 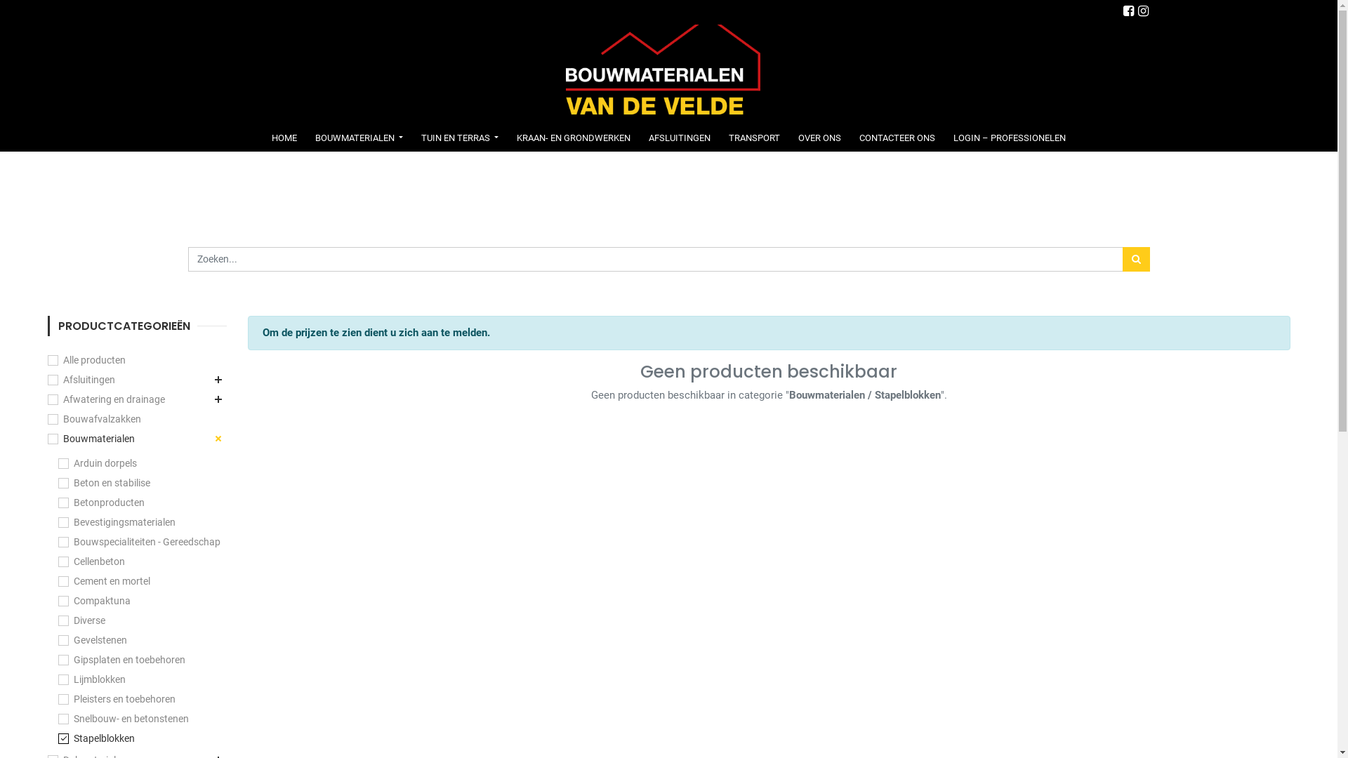 What do you see at coordinates (47, 399) in the screenshot?
I see `'Afwatering en drainage'` at bounding box center [47, 399].